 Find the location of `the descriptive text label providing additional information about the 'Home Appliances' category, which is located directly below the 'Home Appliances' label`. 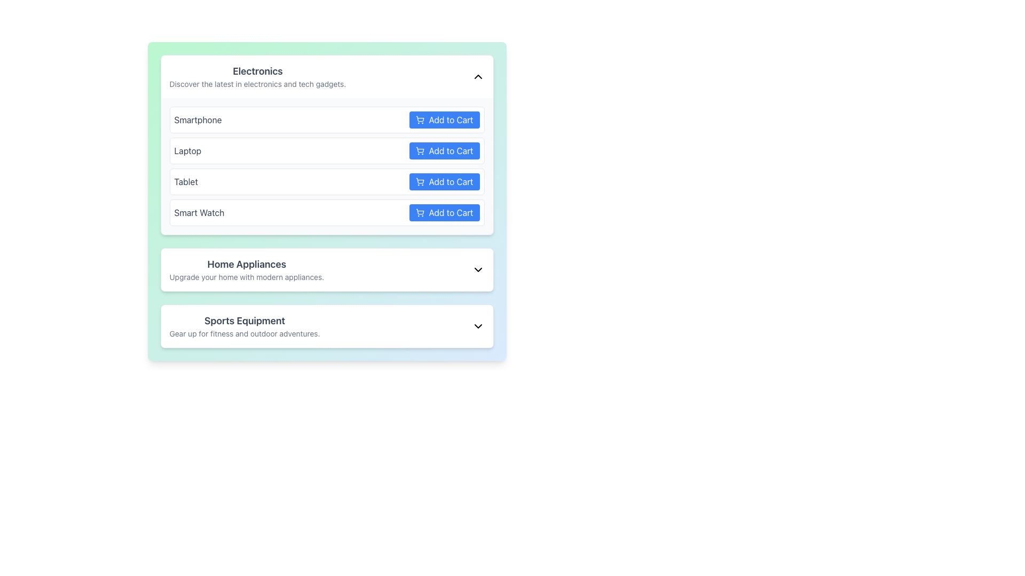

the descriptive text label providing additional information about the 'Home Appliances' category, which is located directly below the 'Home Appliances' label is located at coordinates (246, 277).